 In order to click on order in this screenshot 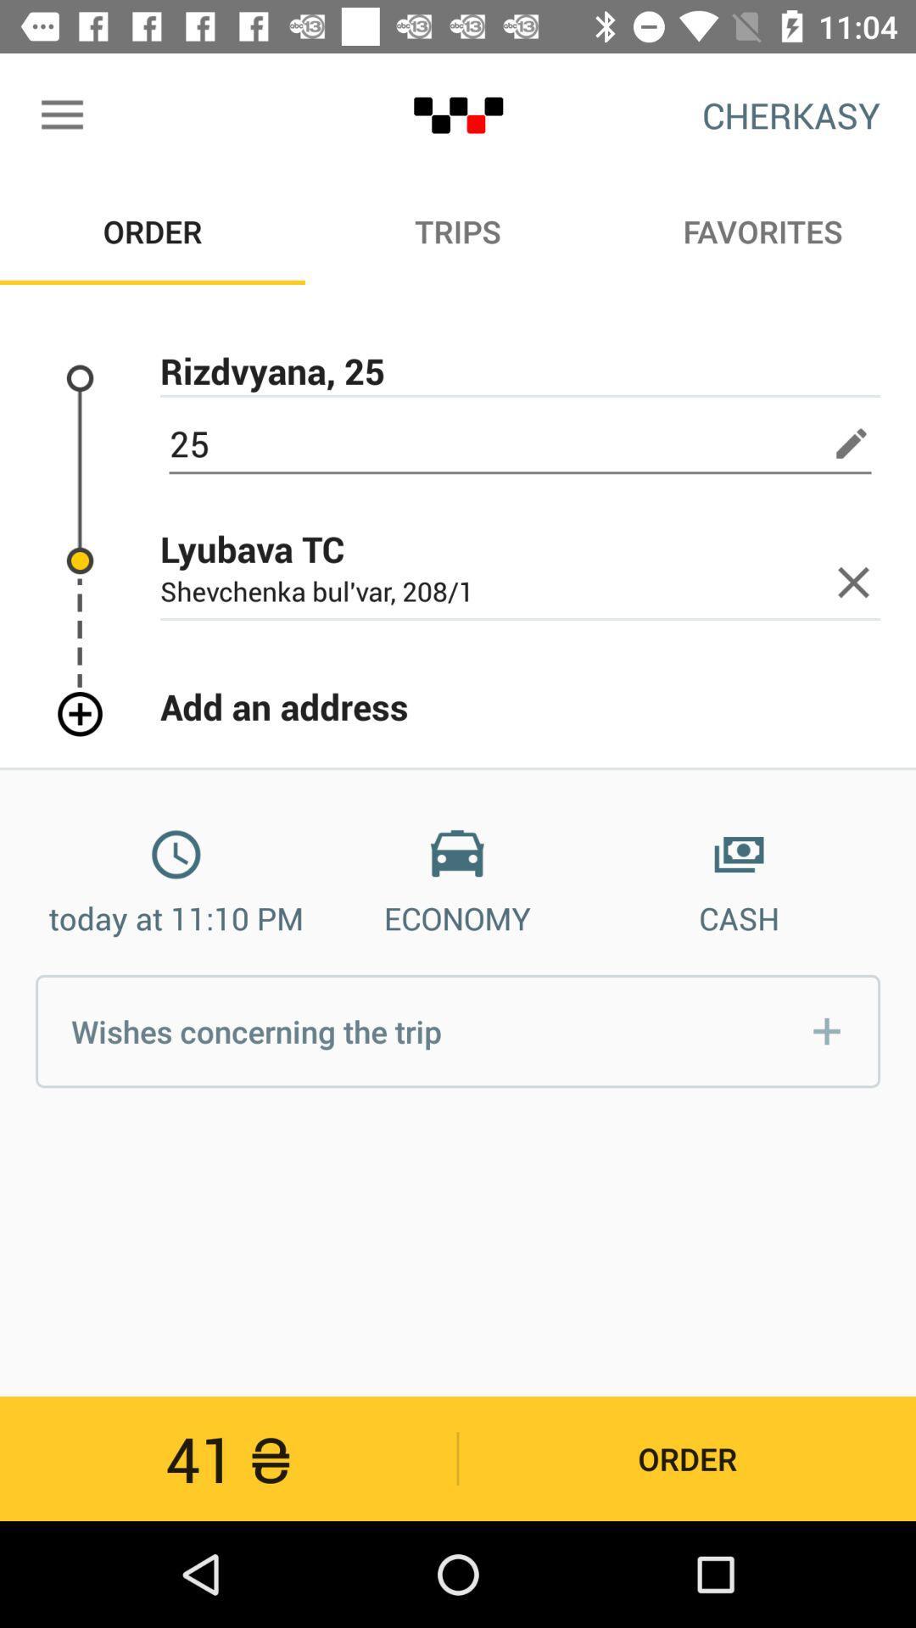, I will do `click(687, 1458)`.